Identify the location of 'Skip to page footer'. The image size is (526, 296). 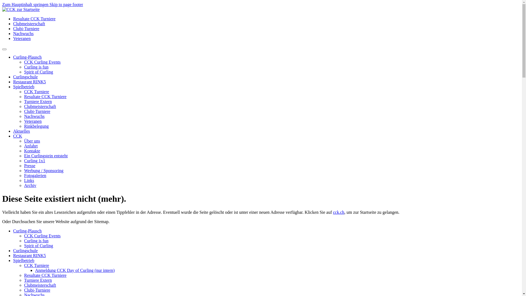
(50, 4).